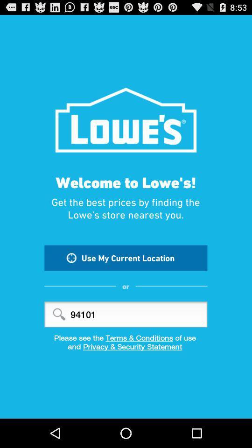 The image size is (252, 448). What do you see at coordinates (126, 258) in the screenshot?
I see `icon below get the best item` at bounding box center [126, 258].